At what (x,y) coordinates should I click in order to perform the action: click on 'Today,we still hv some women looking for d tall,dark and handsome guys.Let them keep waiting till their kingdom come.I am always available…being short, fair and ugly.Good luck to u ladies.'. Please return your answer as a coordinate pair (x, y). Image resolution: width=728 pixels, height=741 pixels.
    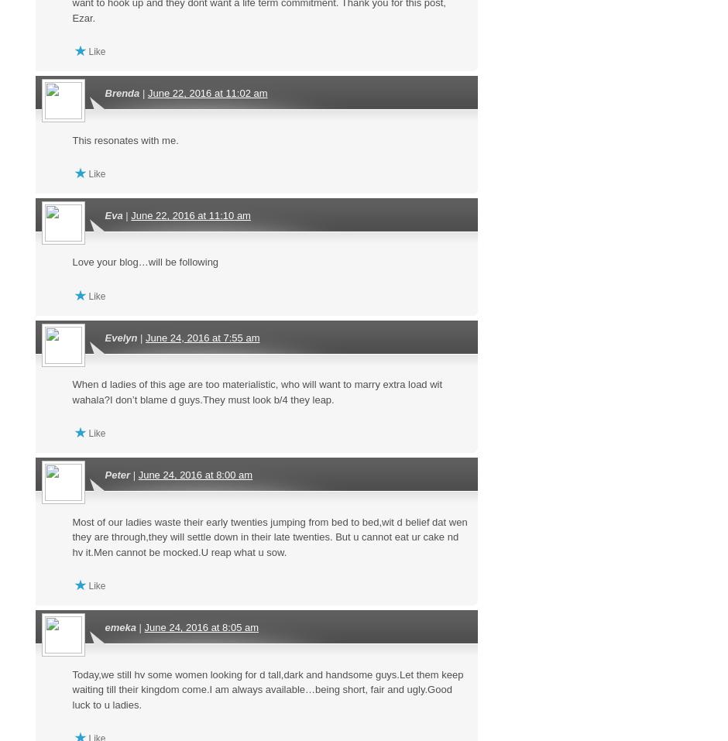
    Looking at the image, I should click on (267, 689).